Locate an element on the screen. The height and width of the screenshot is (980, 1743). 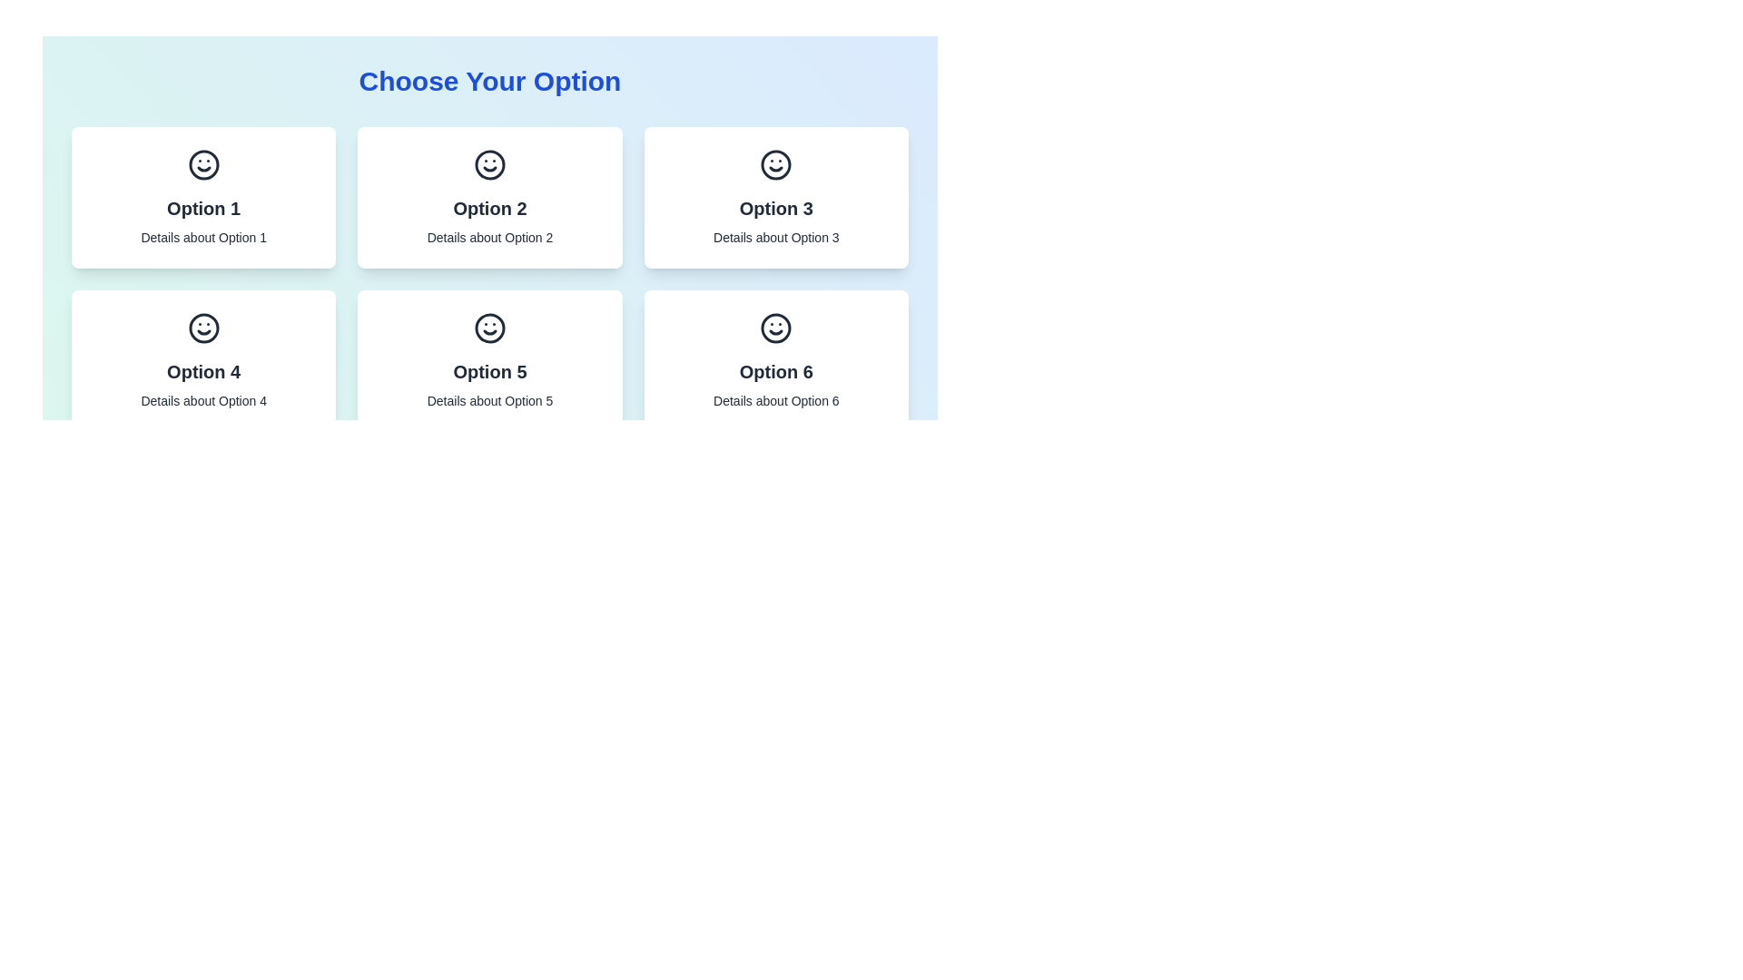
the smiley face icon rendered as an SVG located in the third option card of a grid layout, positioned above the text 'Option 3' and 'Details about Option 3' is located at coordinates (776, 164).